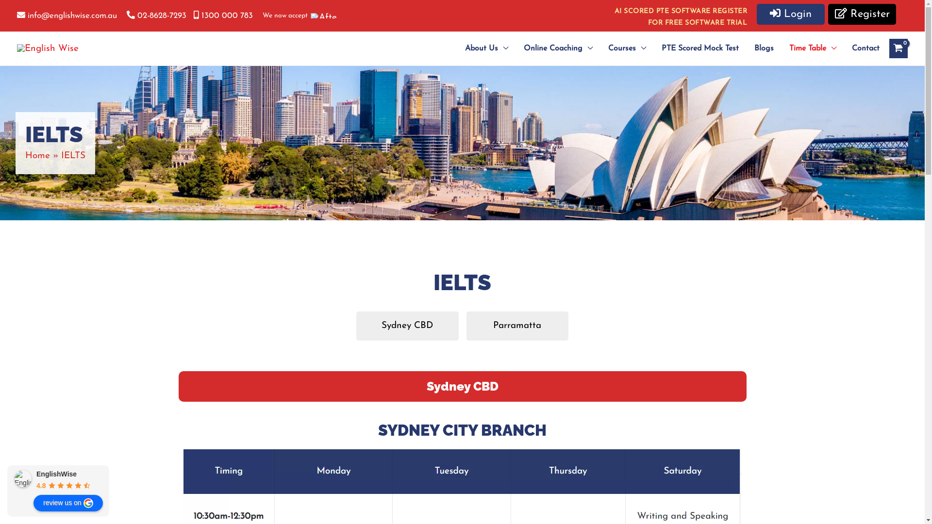 The image size is (932, 524). Describe the element at coordinates (781, 49) in the screenshot. I see `'Time Table'` at that location.